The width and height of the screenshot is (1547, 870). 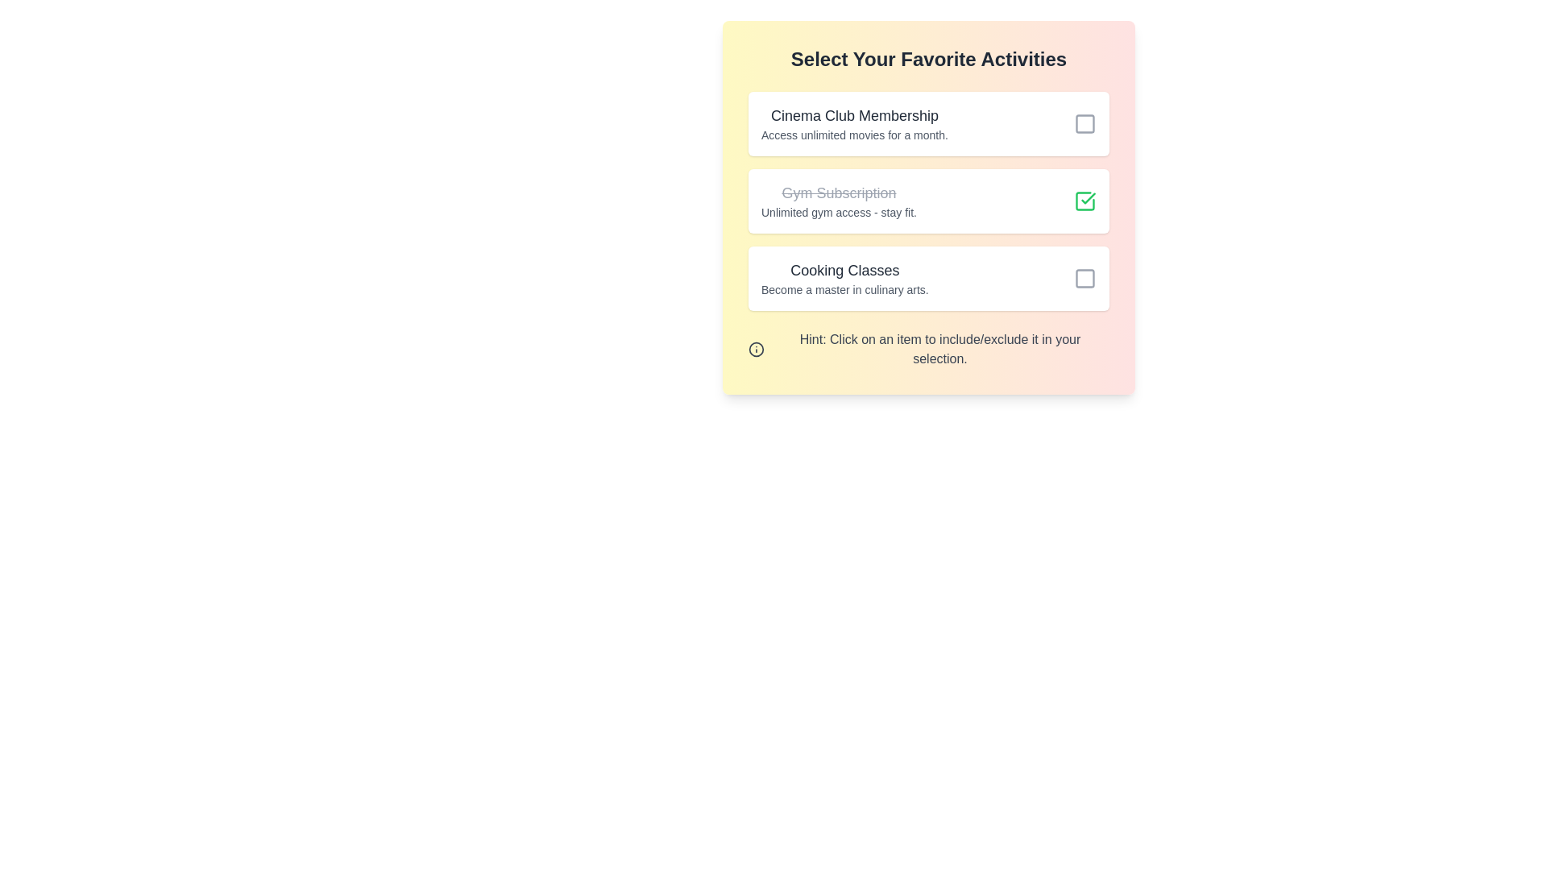 I want to click on the descriptive text element providing information about the 'Cooking Classes' activity, located directly below the 'Cooking Classes' heading, so click(x=844, y=288).